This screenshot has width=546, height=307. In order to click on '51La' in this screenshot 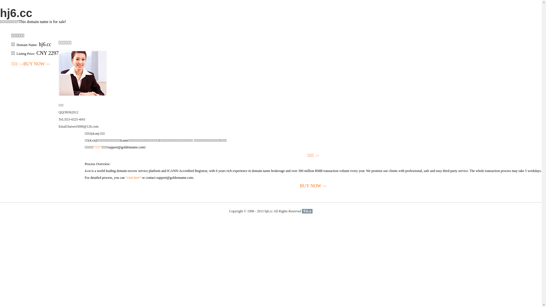, I will do `click(307, 211)`.